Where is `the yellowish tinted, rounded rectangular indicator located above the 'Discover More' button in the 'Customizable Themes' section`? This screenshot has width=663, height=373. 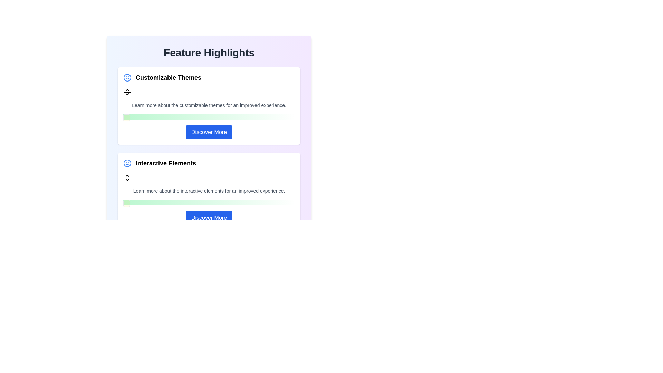
the yellowish tinted, rounded rectangular indicator located above the 'Discover More' button in the 'Customizable Themes' section is located at coordinates (126, 117).